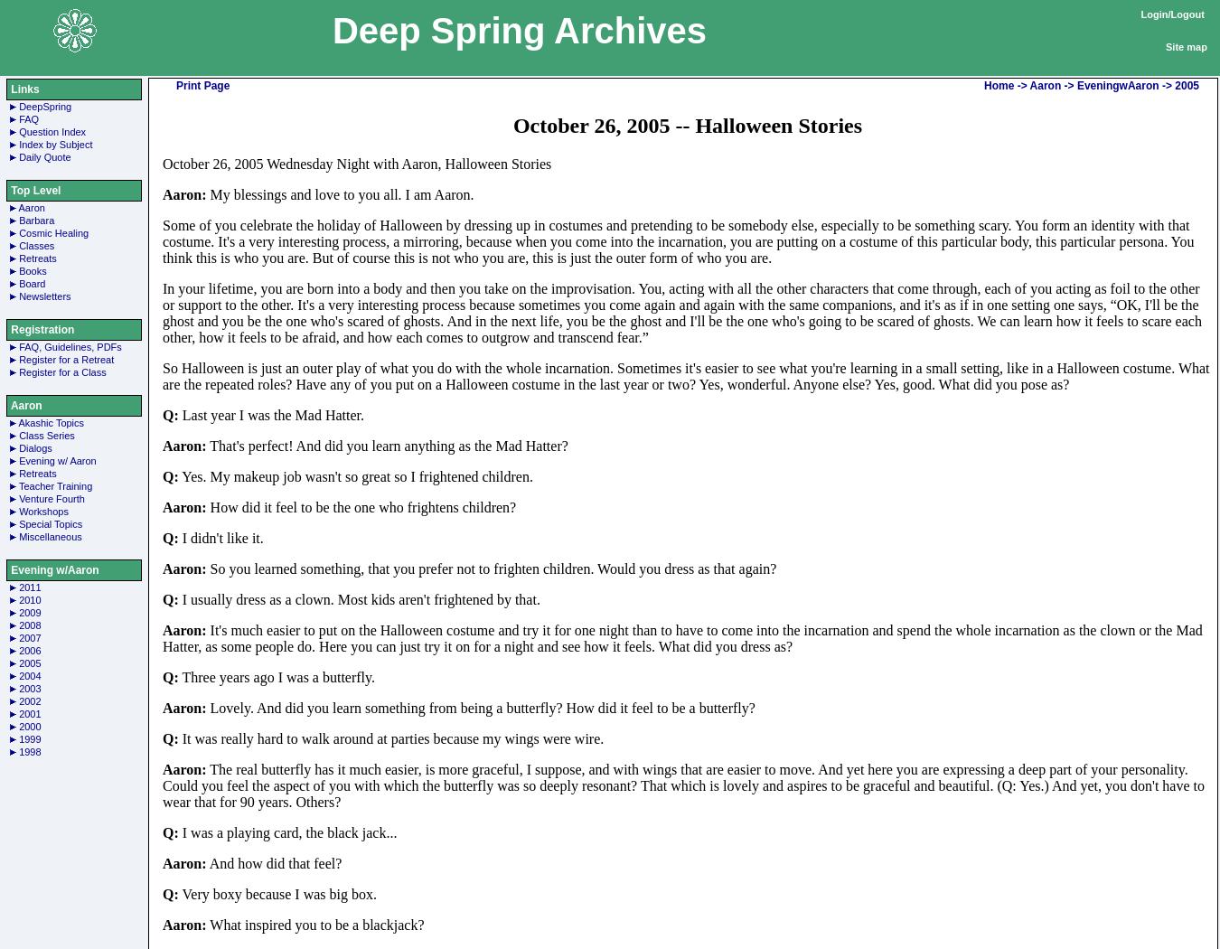 Image resolution: width=1220 pixels, height=949 pixels. What do you see at coordinates (45, 435) in the screenshot?
I see `'Class Series'` at bounding box center [45, 435].